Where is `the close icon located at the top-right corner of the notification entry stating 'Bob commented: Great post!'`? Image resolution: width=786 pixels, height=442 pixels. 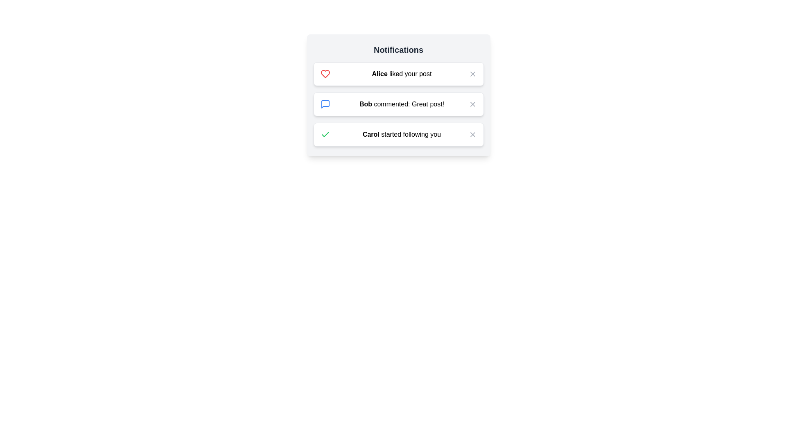 the close icon located at the top-right corner of the notification entry stating 'Bob commented: Great post!' is located at coordinates (472, 104).